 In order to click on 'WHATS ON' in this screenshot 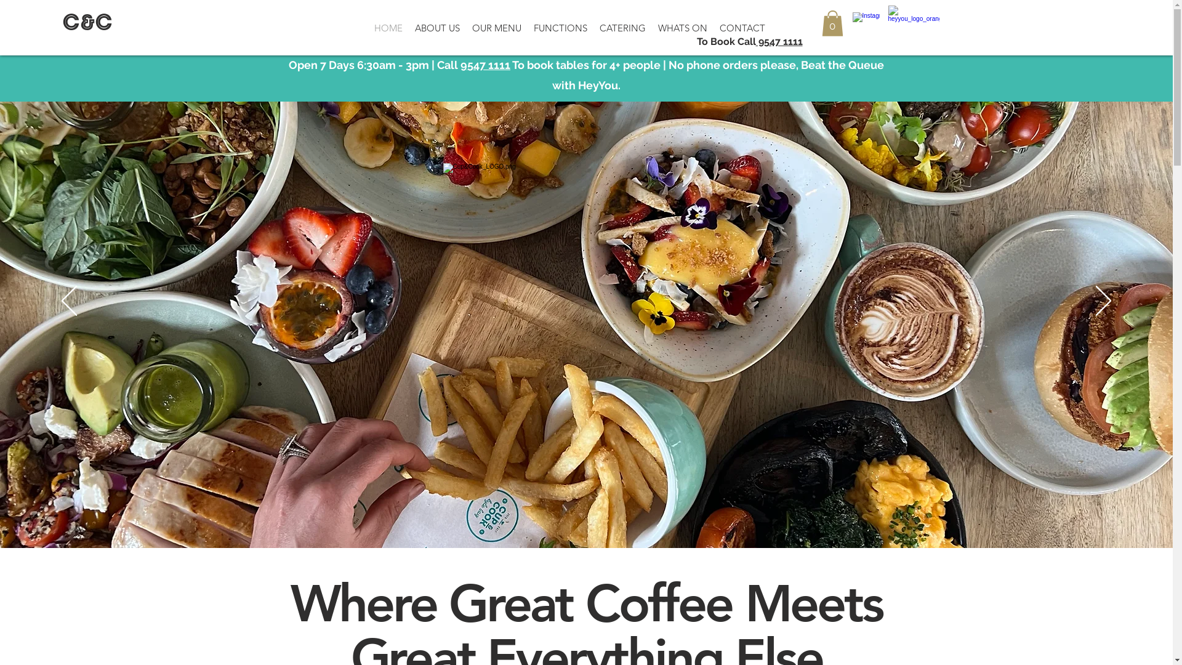, I will do `click(681, 28)`.